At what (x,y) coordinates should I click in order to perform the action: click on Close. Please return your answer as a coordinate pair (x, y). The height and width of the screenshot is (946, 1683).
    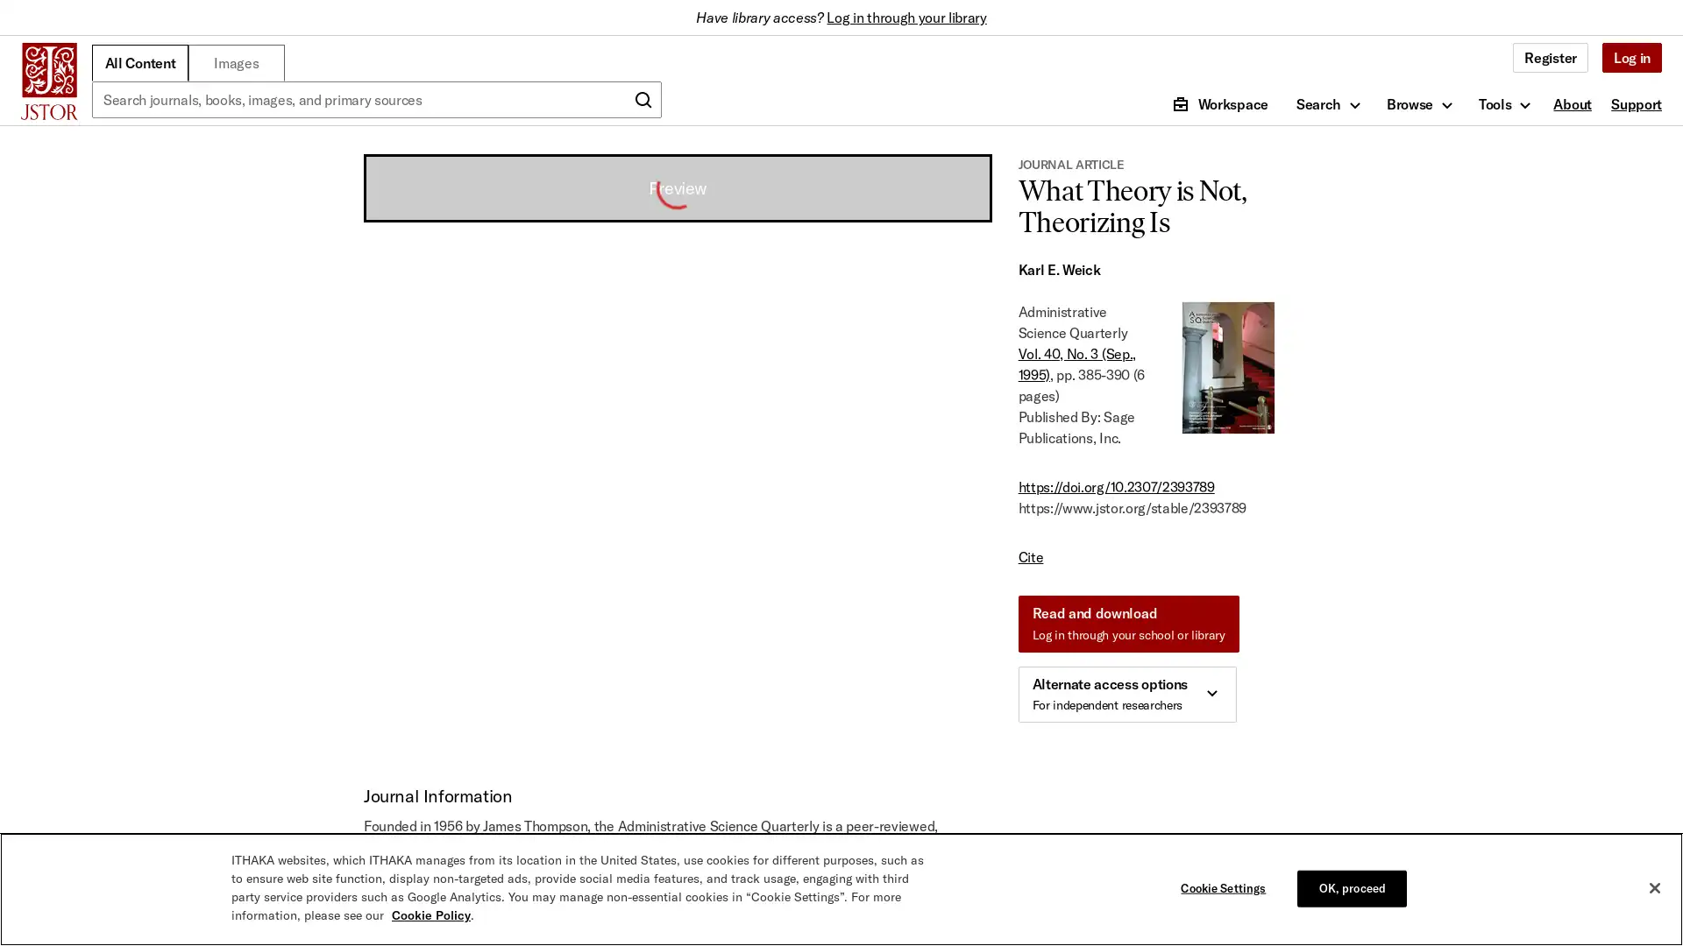
    Looking at the image, I should click on (1653, 888).